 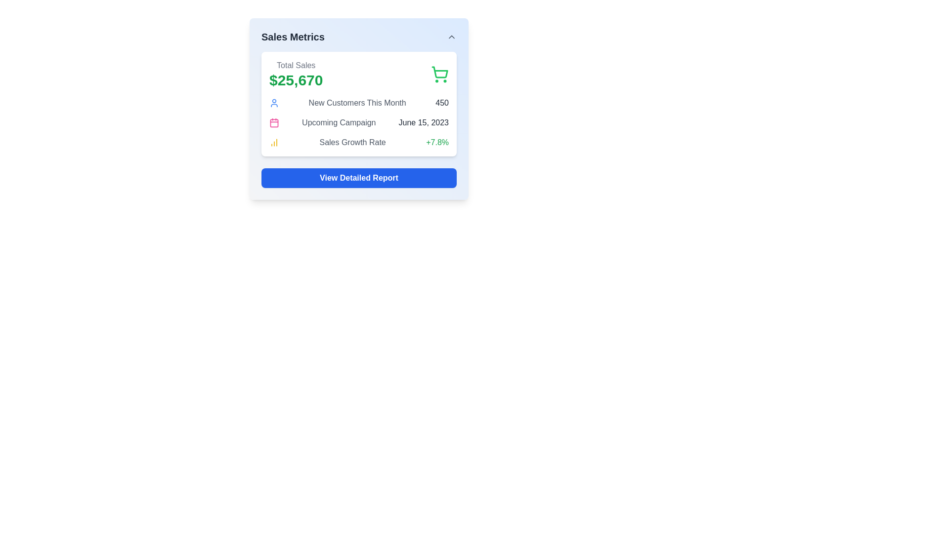 I want to click on the Information panel with structured metrics, which is located within the 'Sales Metrics' card below 'Total Sales' and above the 'View Detailed Report' button, so click(x=358, y=122).